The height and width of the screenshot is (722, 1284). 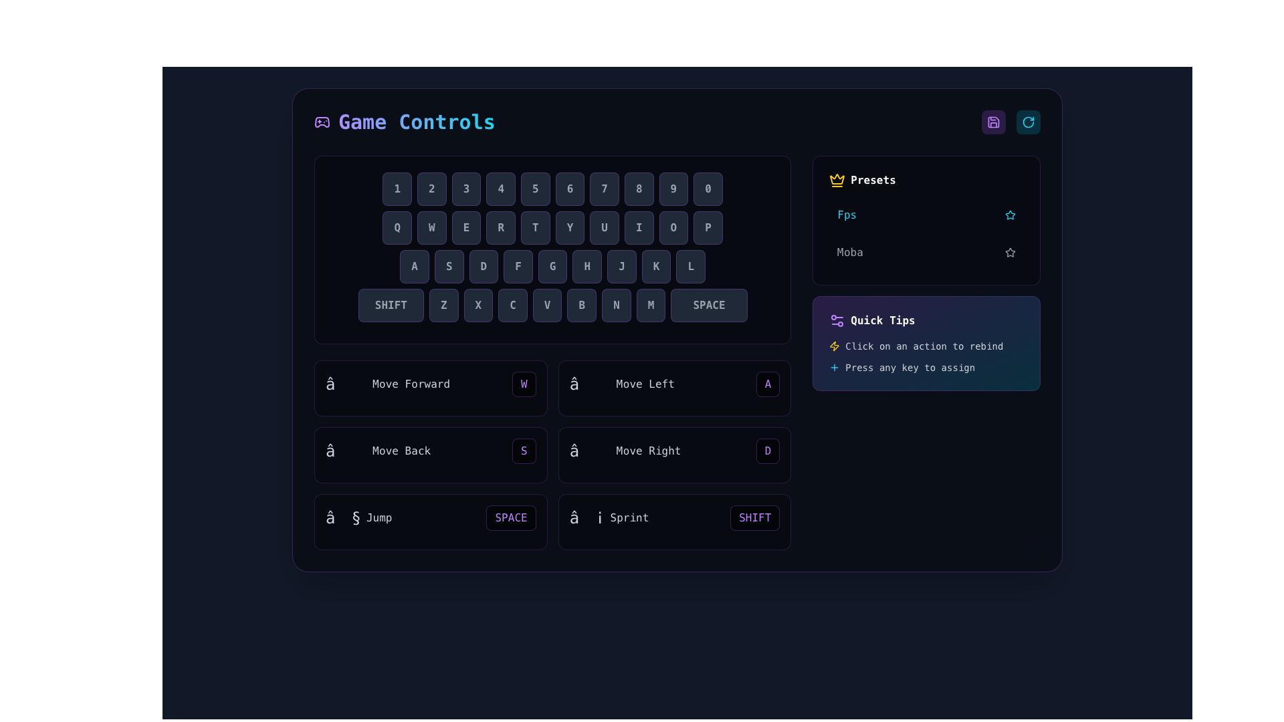 What do you see at coordinates (926, 368) in the screenshot?
I see `the instructional text that indicates to the user they can press any key to assign it to an action, located` at bounding box center [926, 368].